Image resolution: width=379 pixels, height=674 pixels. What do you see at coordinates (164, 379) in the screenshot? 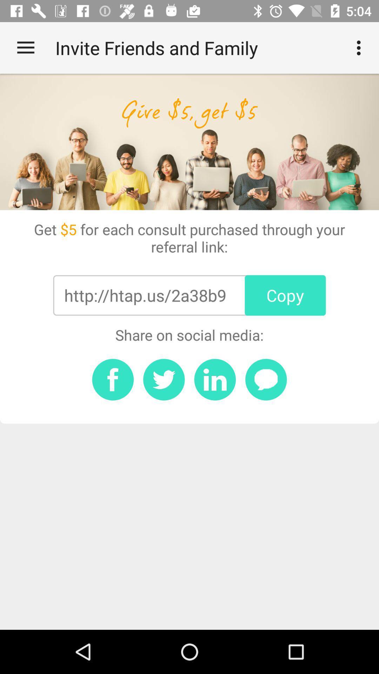
I see `the twitter icon` at bounding box center [164, 379].